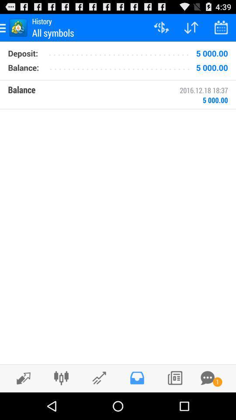 The height and width of the screenshot is (420, 236). I want to click on buy or sell, so click(21, 378).